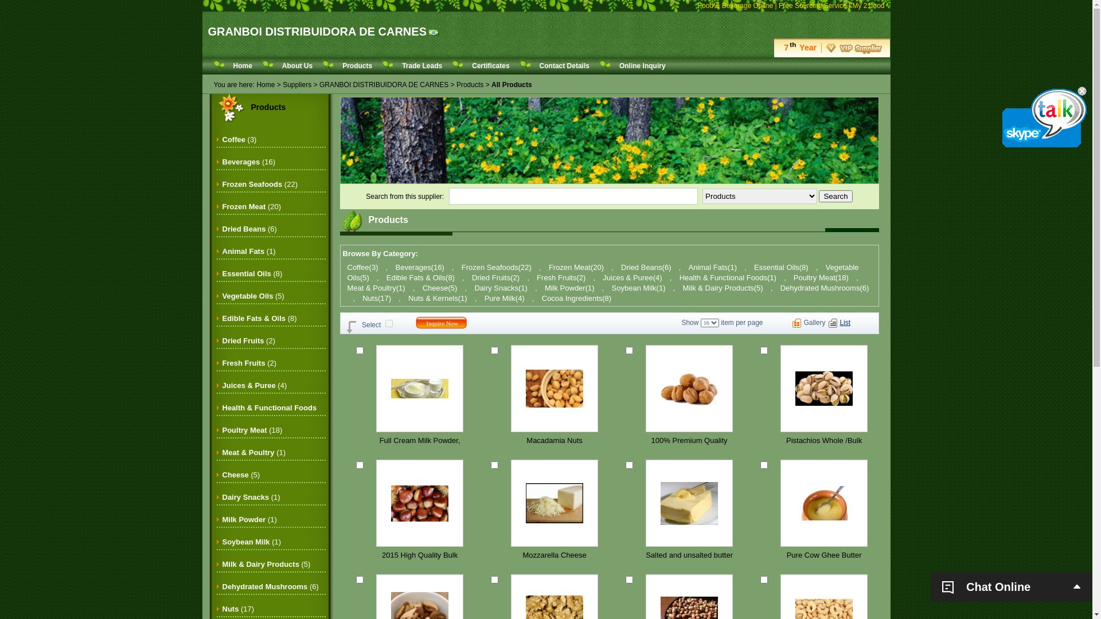  What do you see at coordinates (248, 162) in the screenshot?
I see `'Beverages (16)'` at bounding box center [248, 162].